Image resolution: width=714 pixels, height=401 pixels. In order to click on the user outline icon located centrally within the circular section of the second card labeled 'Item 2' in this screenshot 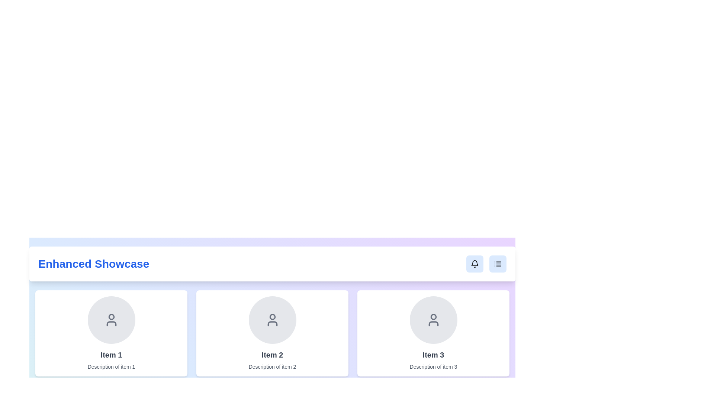, I will do `click(272, 319)`.